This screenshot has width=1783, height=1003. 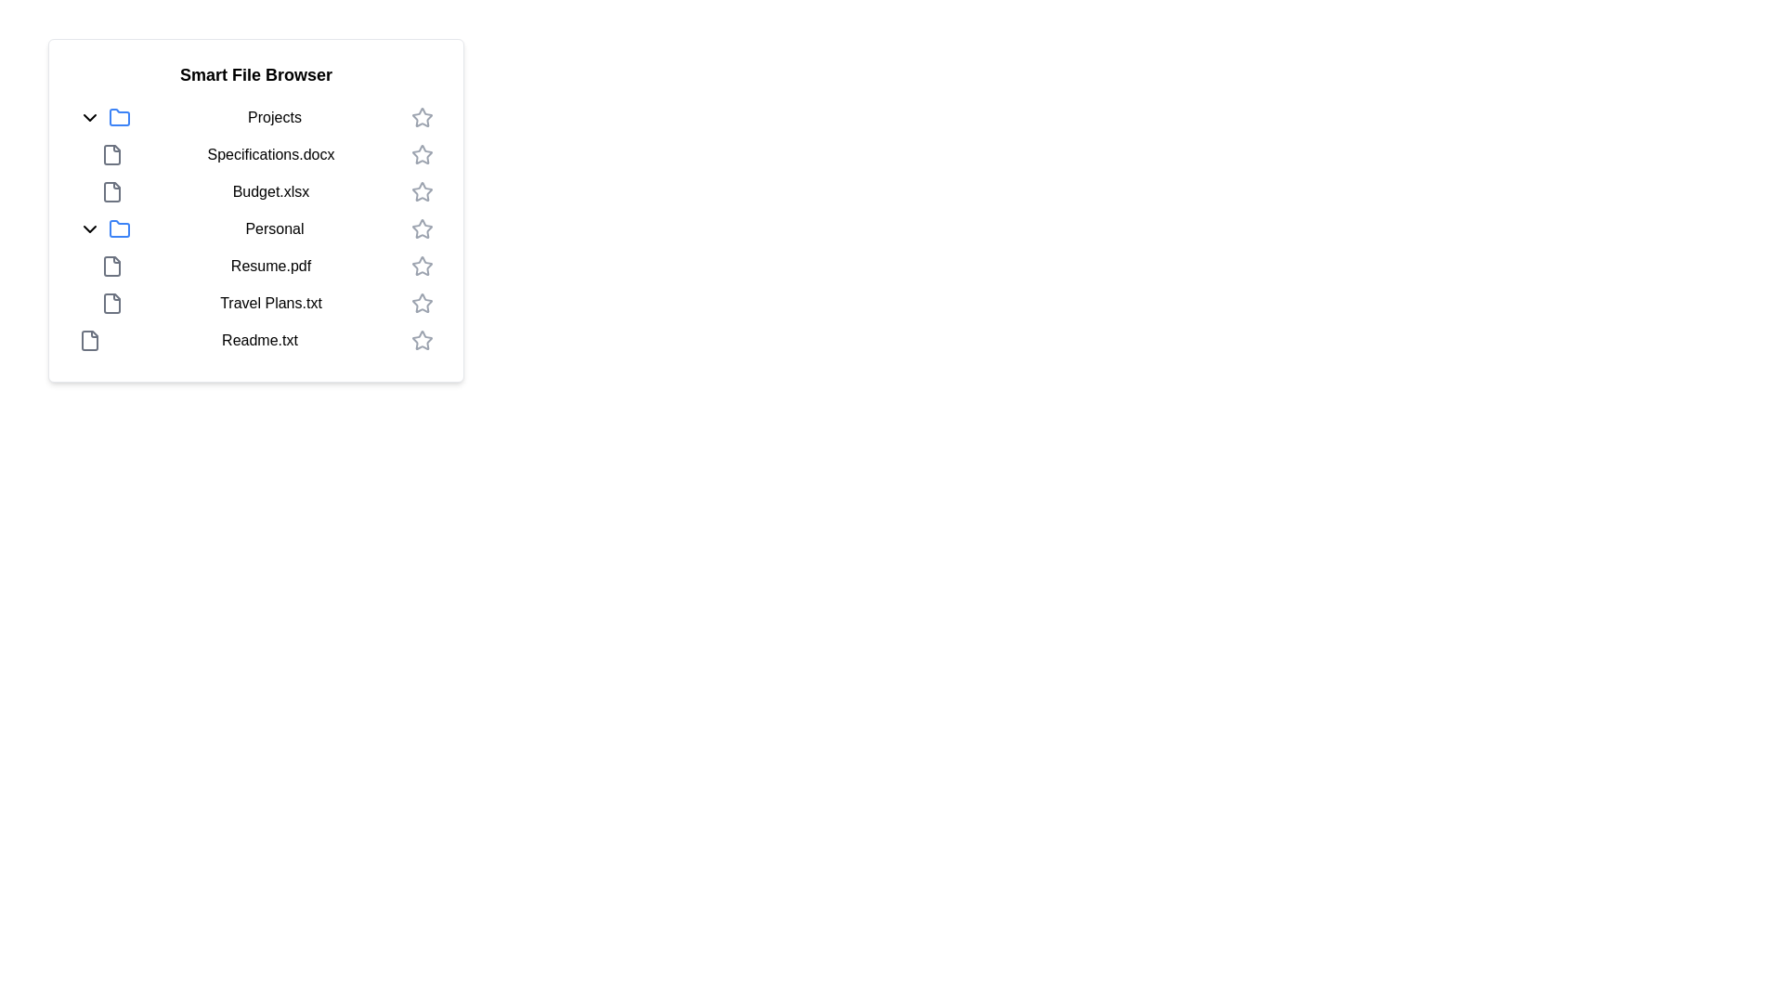 What do you see at coordinates (258, 340) in the screenshot?
I see `to select the file named 'Readme.txt' displayed in black font within the Personal directory of the file browser` at bounding box center [258, 340].